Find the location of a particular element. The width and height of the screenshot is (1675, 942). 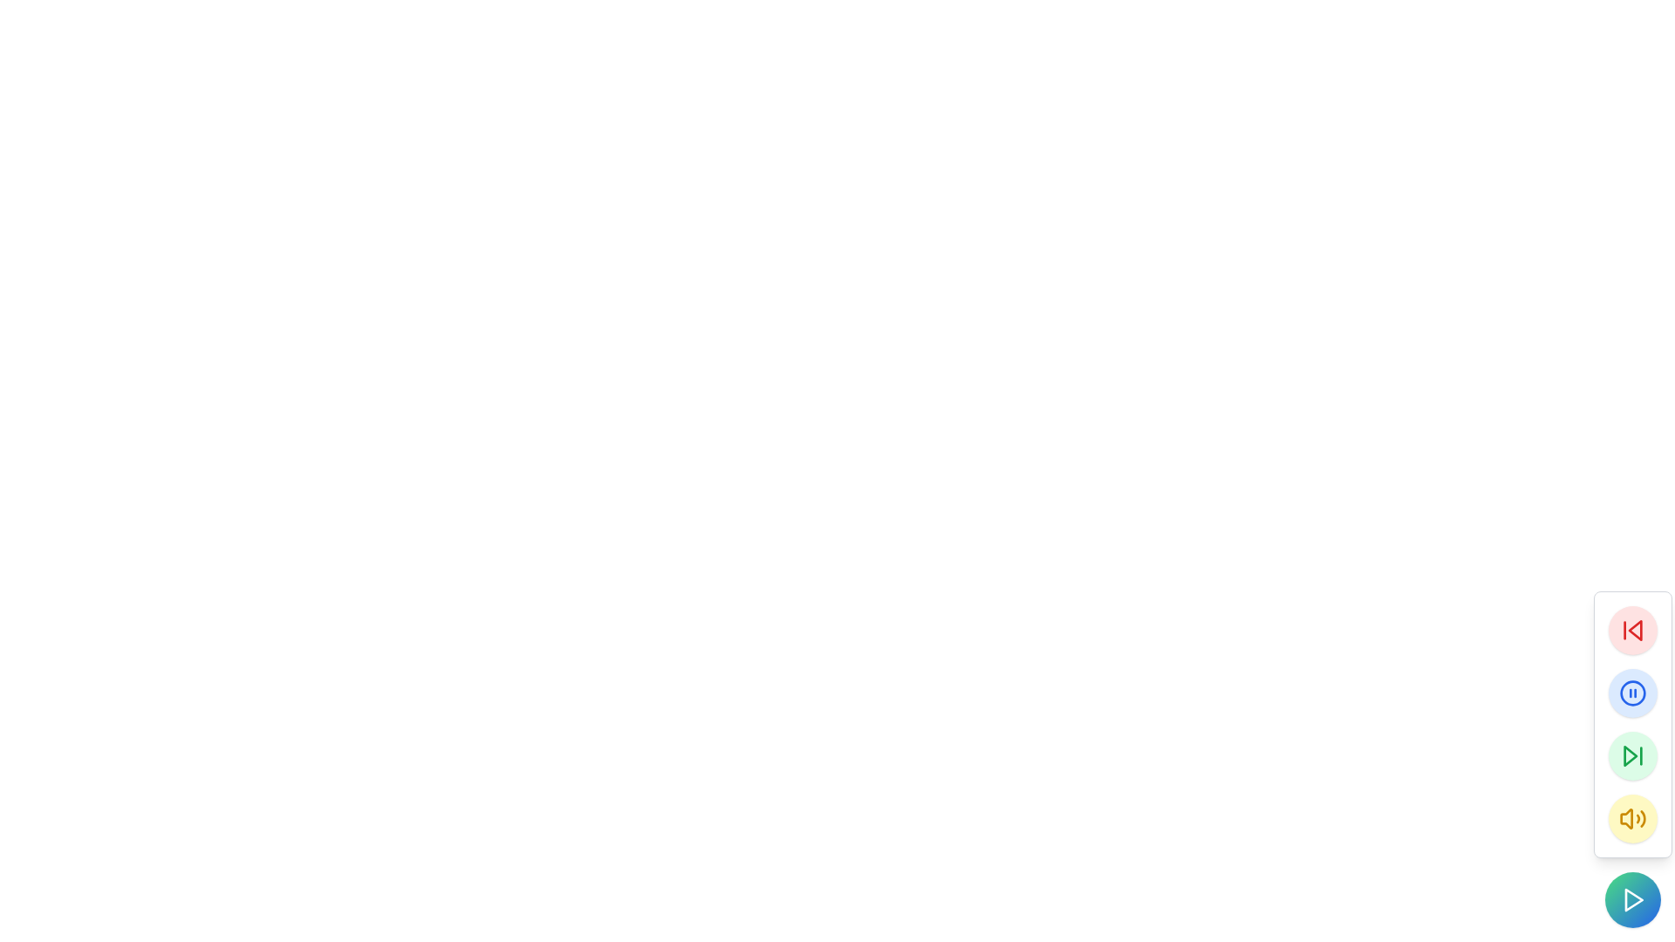

the volume control icon, which resembles a speaker cone and sound waves, located in the bottom-right corner of the interface is located at coordinates (1625, 818).